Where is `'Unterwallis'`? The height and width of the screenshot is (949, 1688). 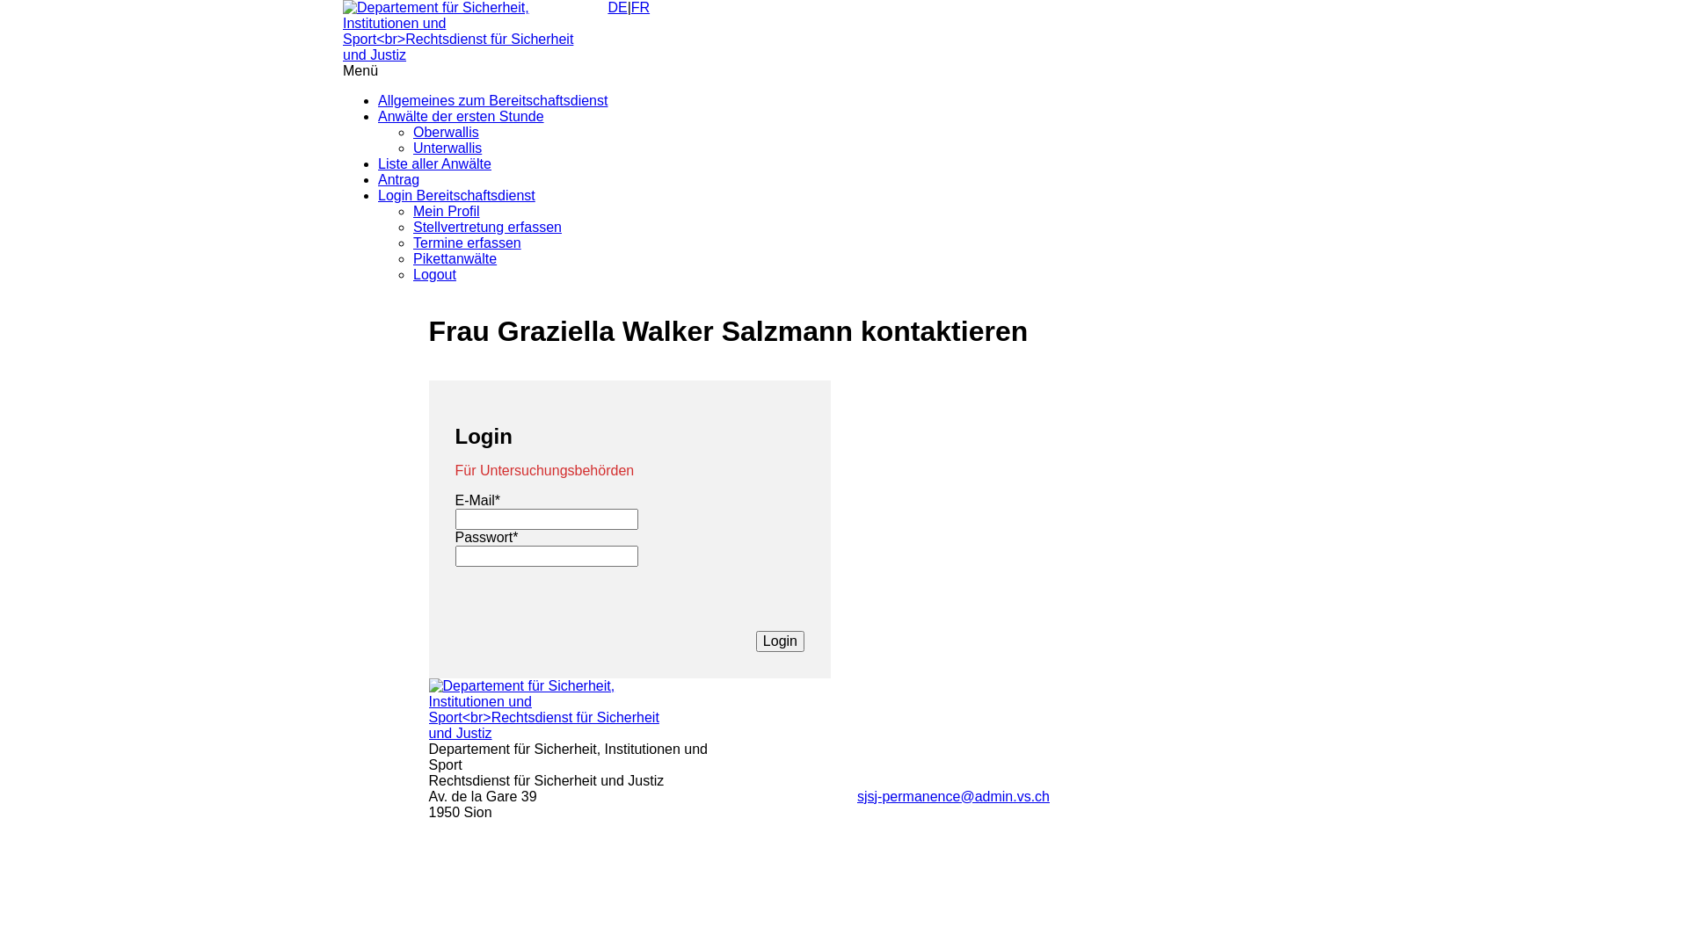 'Unterwallis' is located at coordinates (412, 147).